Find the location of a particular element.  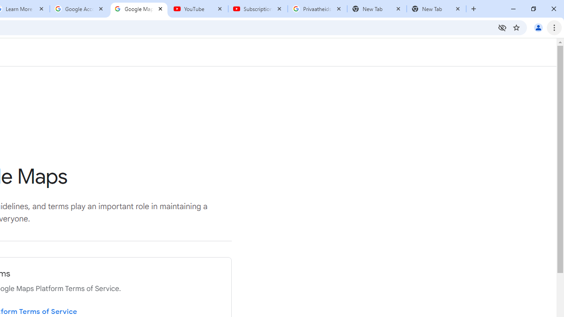

'Google Maps Policies and Guidelines - Transparency Center' is located at coordinates (138, 9).